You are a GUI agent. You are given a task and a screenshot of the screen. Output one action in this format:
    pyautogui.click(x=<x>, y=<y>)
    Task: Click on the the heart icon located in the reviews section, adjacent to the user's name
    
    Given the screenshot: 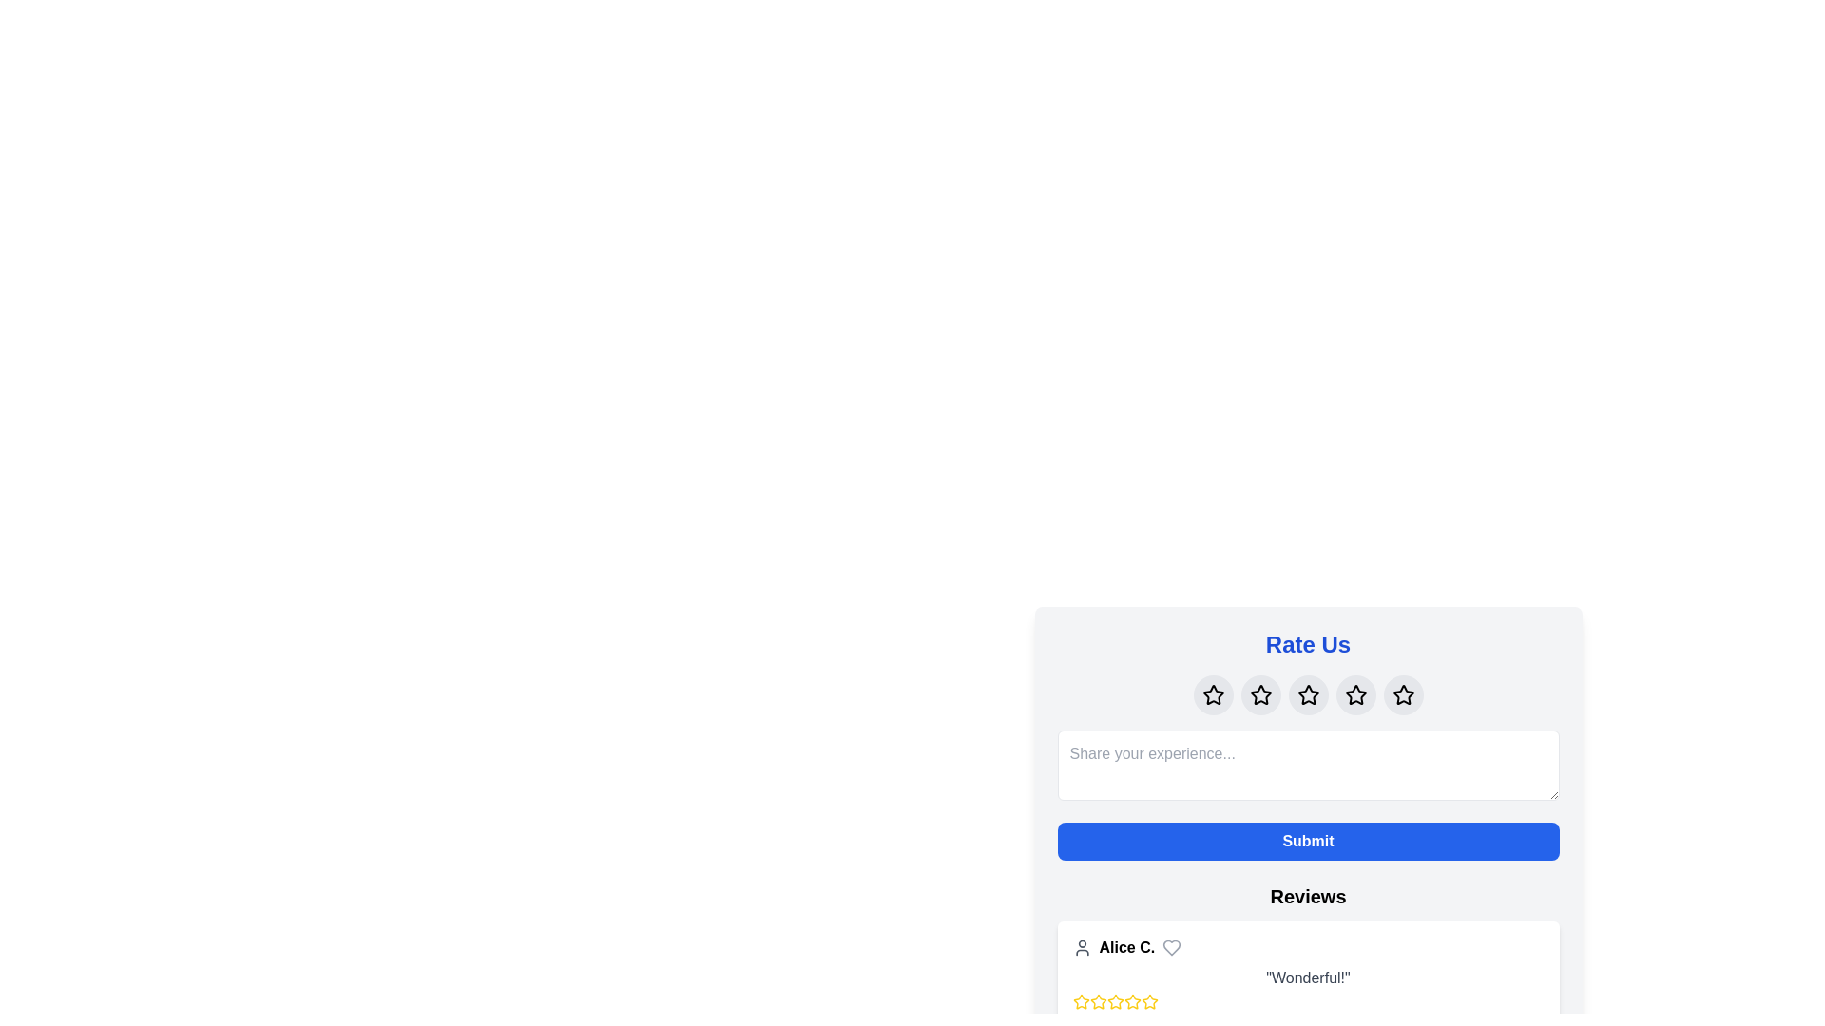 What is the action you would take?
    pyautogui.click(x=1171, y=948)
    